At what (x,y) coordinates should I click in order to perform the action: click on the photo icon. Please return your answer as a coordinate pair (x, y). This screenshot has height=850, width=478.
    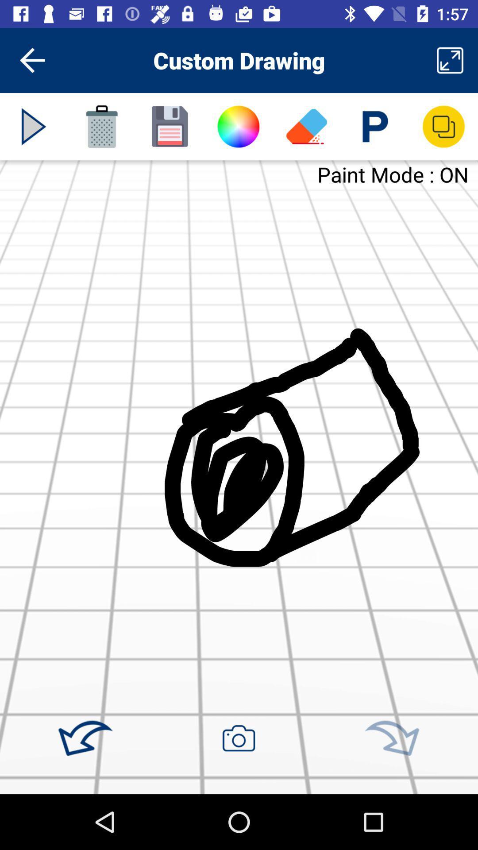
    Looking at the image, I should click on (238, 738).